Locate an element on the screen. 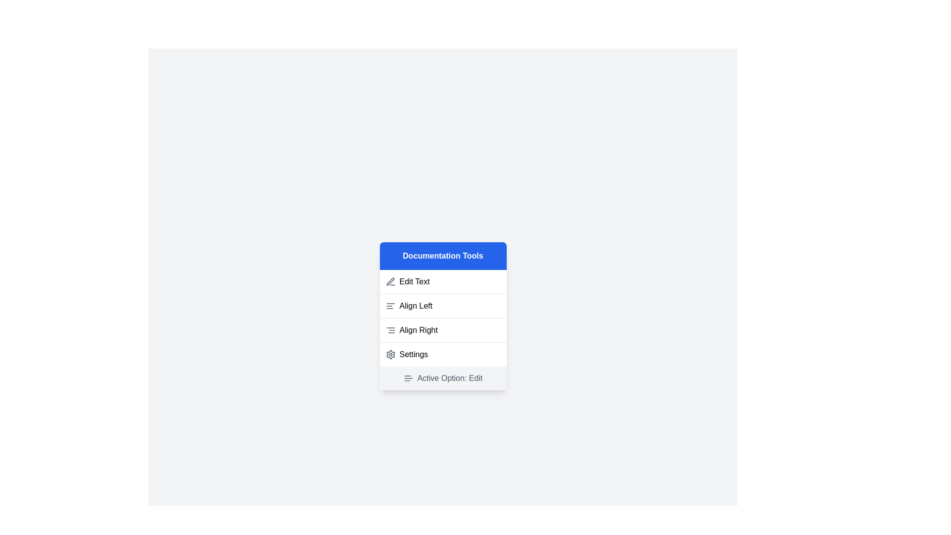  the menu option Align Left to select it is located at coordinates (442, 305).